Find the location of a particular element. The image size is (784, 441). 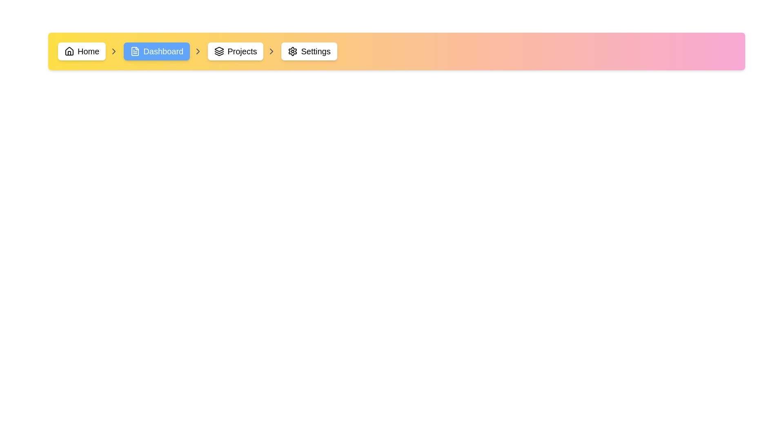

the navigational division icon located between the 'Projects' and 'Settings' breadcrumb items, which indicates hierarchy or sequence is located at coordinates (272, 51).